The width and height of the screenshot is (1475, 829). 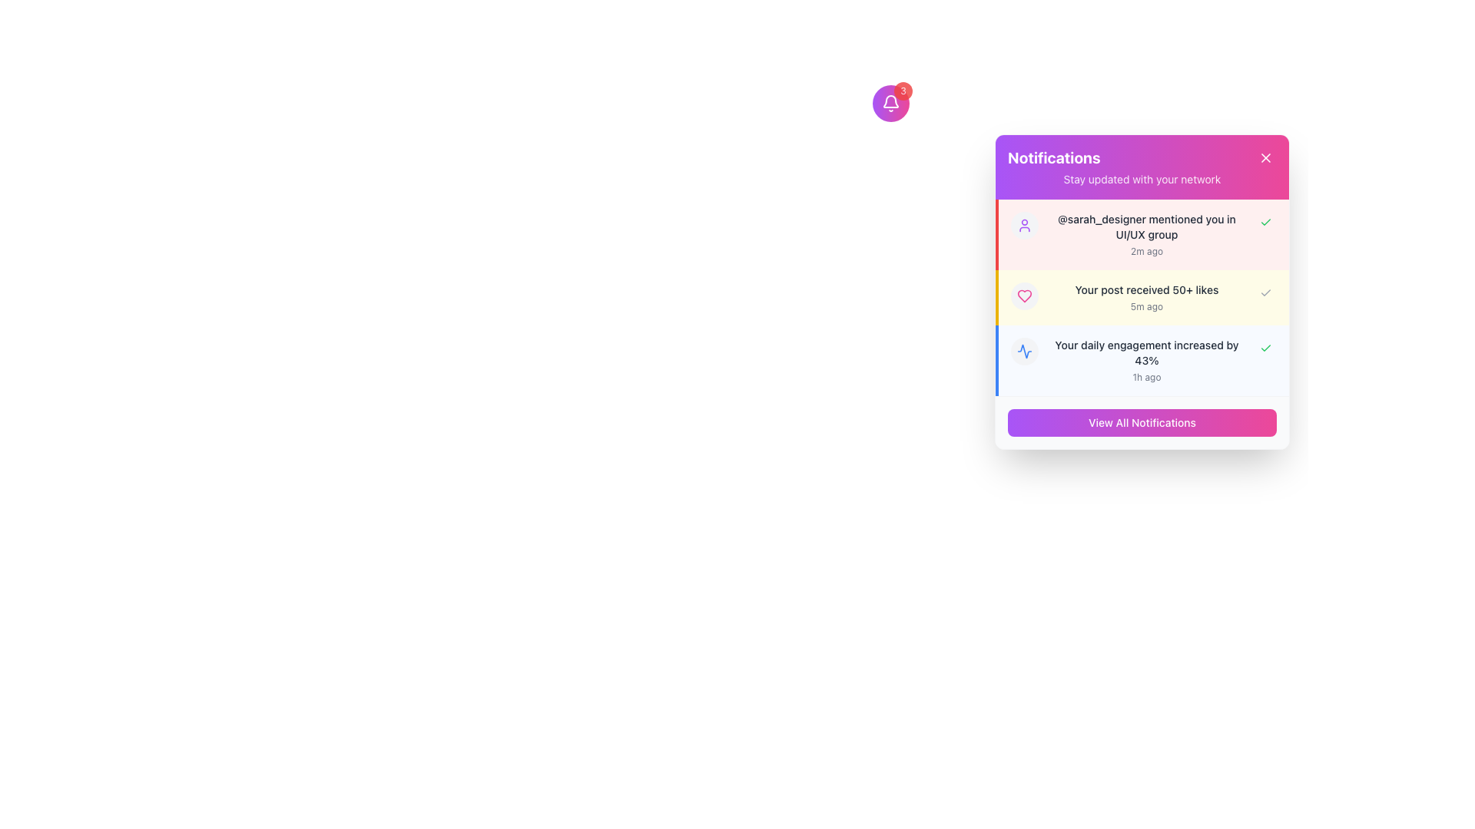 What do you see at coordinates (1025, 352) in the screenshot?
I see `the rounded icon with a white background and blue waveform located to the left of the notification message 'Your daily engagement increased by 43%' for interaction` at bounding box center [1025, 352].